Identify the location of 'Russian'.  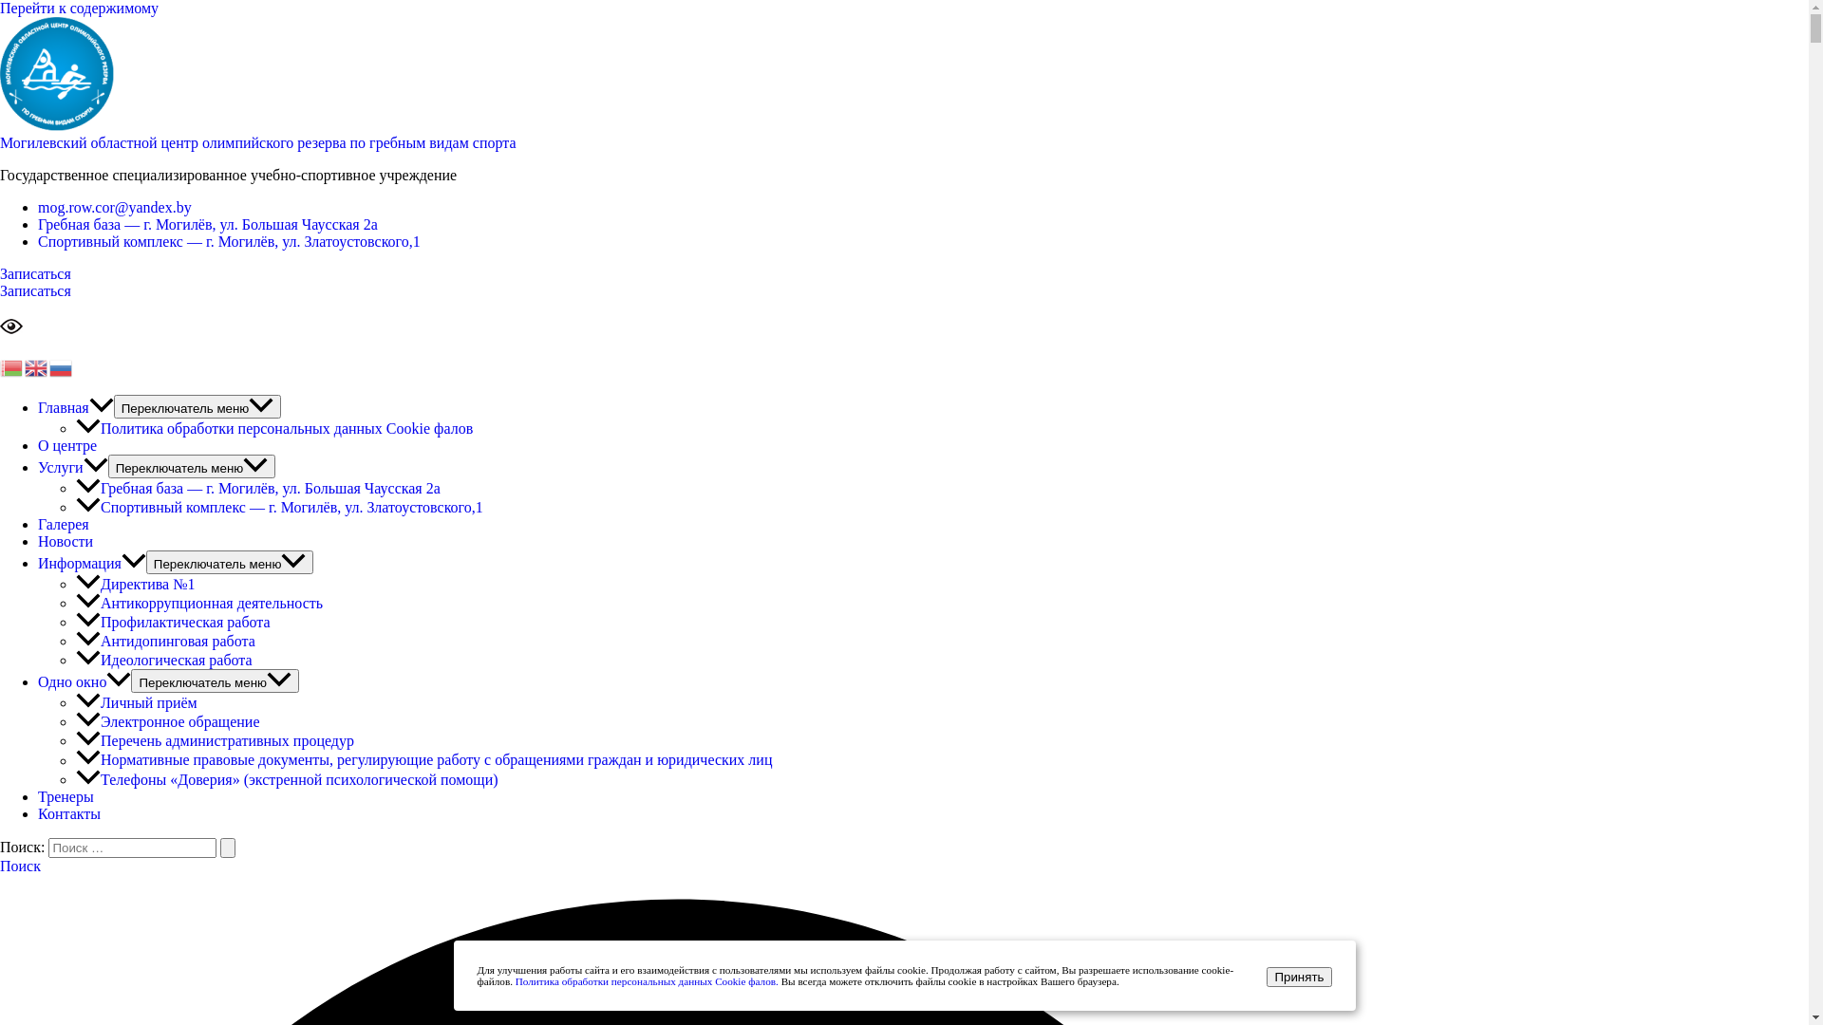
(62, 366).